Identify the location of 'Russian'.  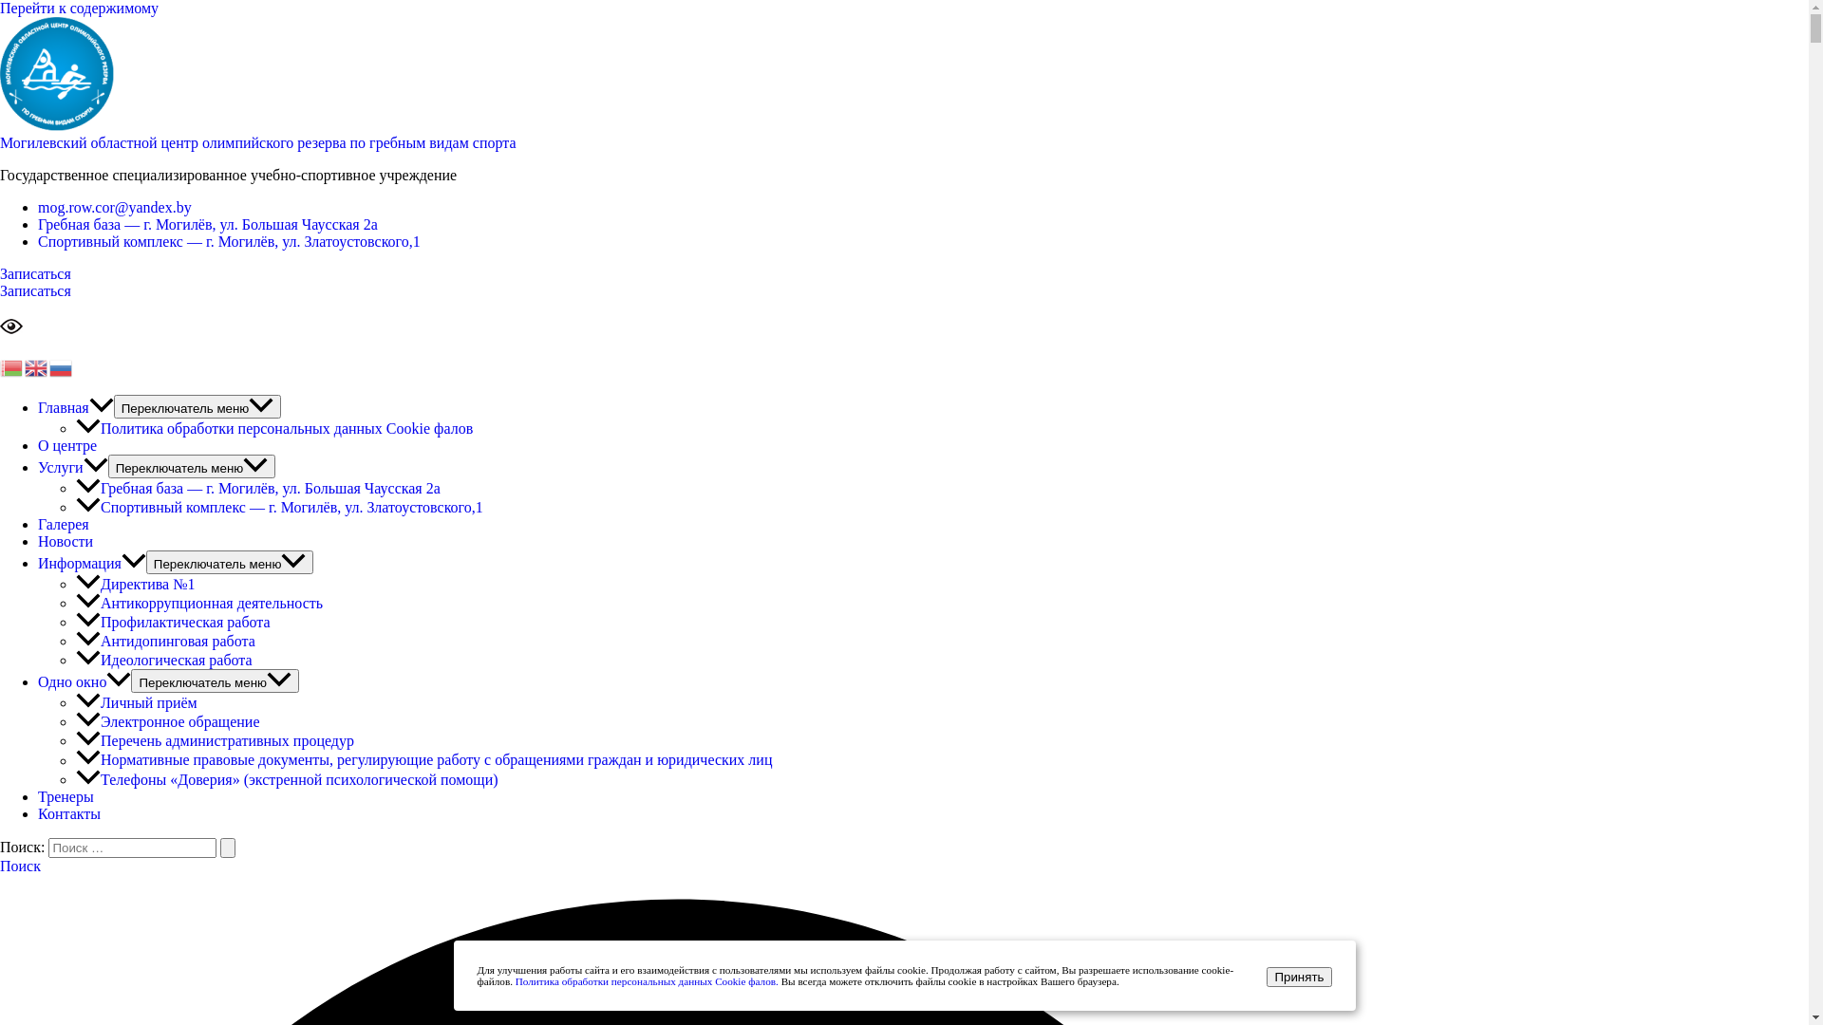
(62, 366).